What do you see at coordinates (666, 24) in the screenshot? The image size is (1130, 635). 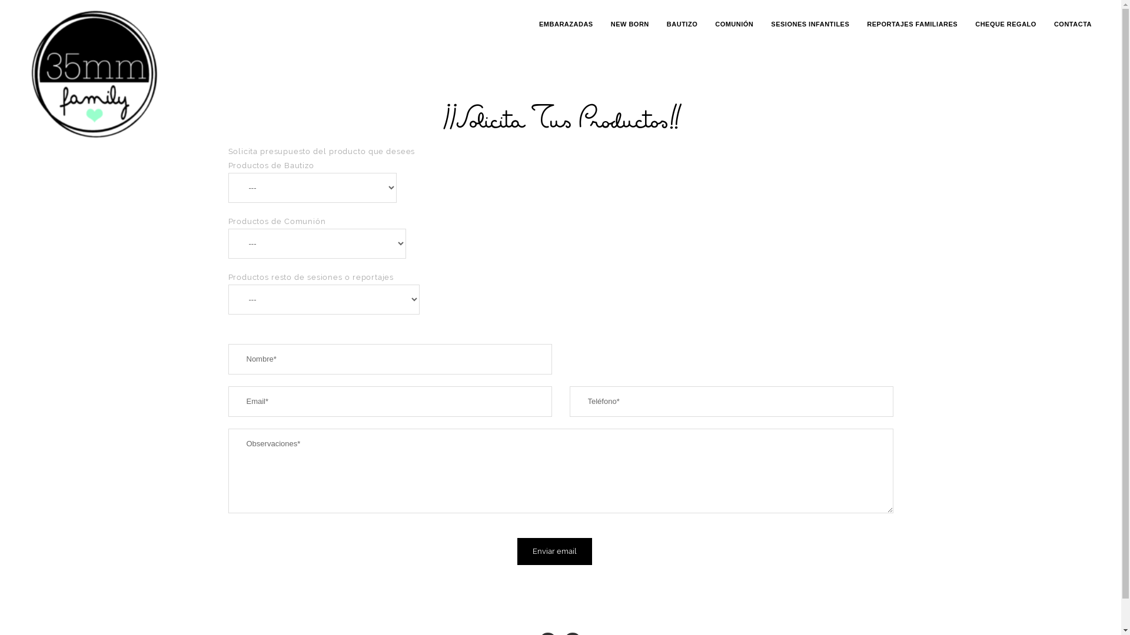 I see `'BAUTIZO'` at bounding box center [666, 24].